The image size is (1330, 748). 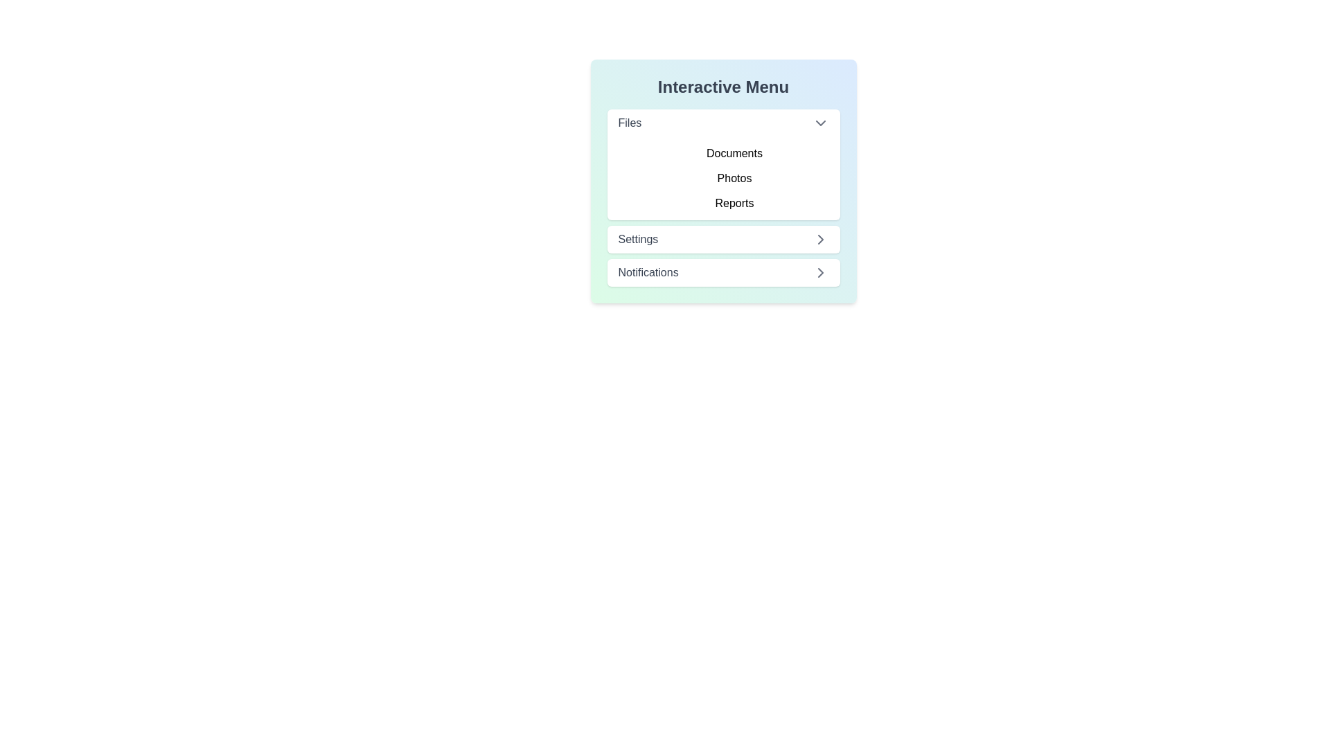 I want to click on the navigation indicator located to the right of the 'Notifications' text label in the vertical menu structure, so click(x=820, y=272).